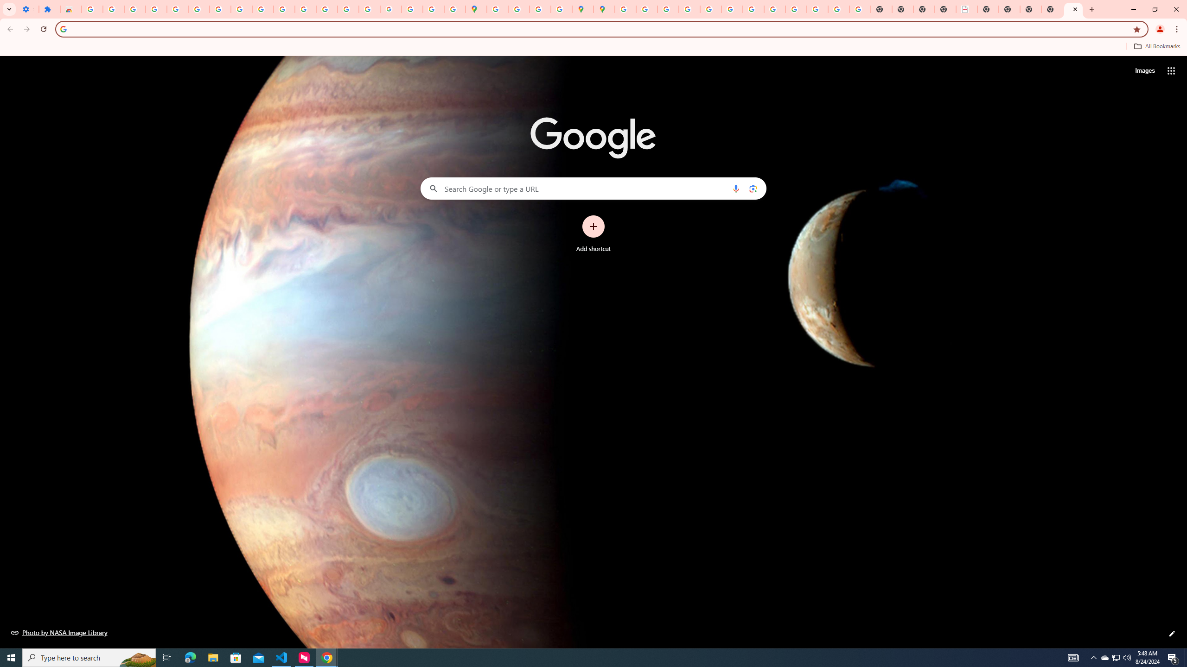 This screenshot has width=1187, height=667. I want to click on 'Privacy Help Center - Policies Help', so click(667, 9).